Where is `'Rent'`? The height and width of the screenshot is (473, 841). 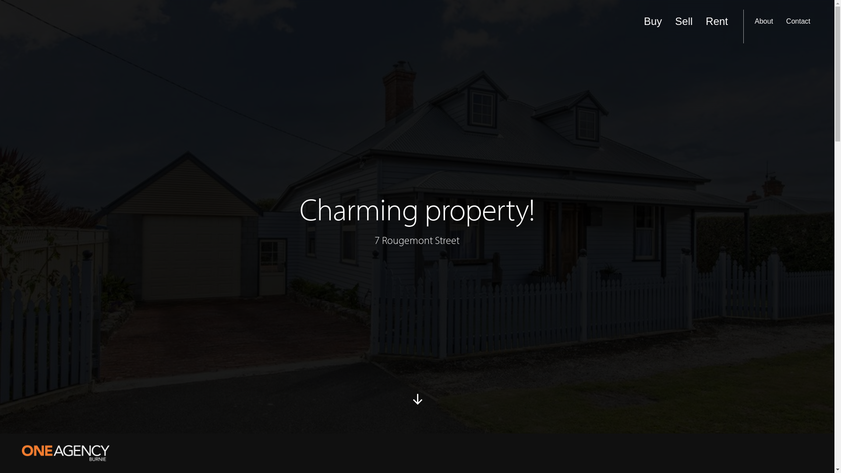
'Rent' is located at coordinates (717, 26).